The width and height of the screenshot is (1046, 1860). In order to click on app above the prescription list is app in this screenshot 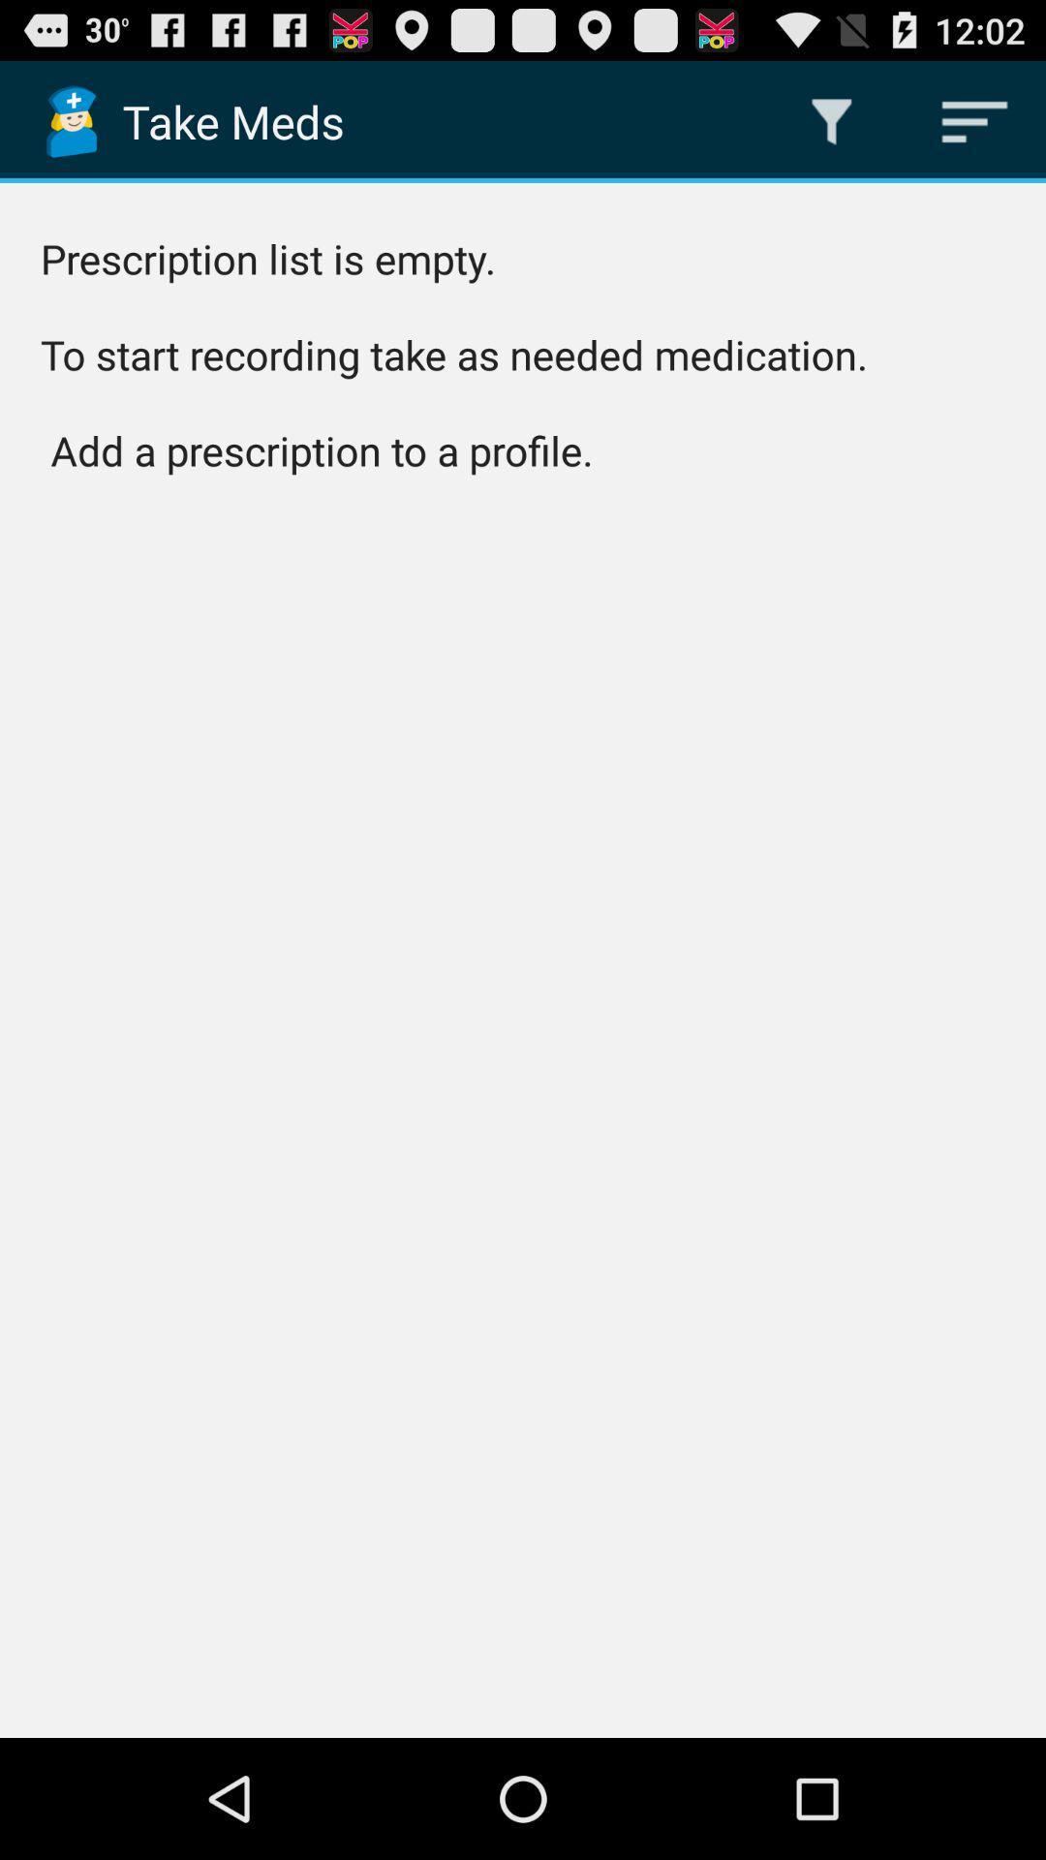, I will do `click(974, 120)`.